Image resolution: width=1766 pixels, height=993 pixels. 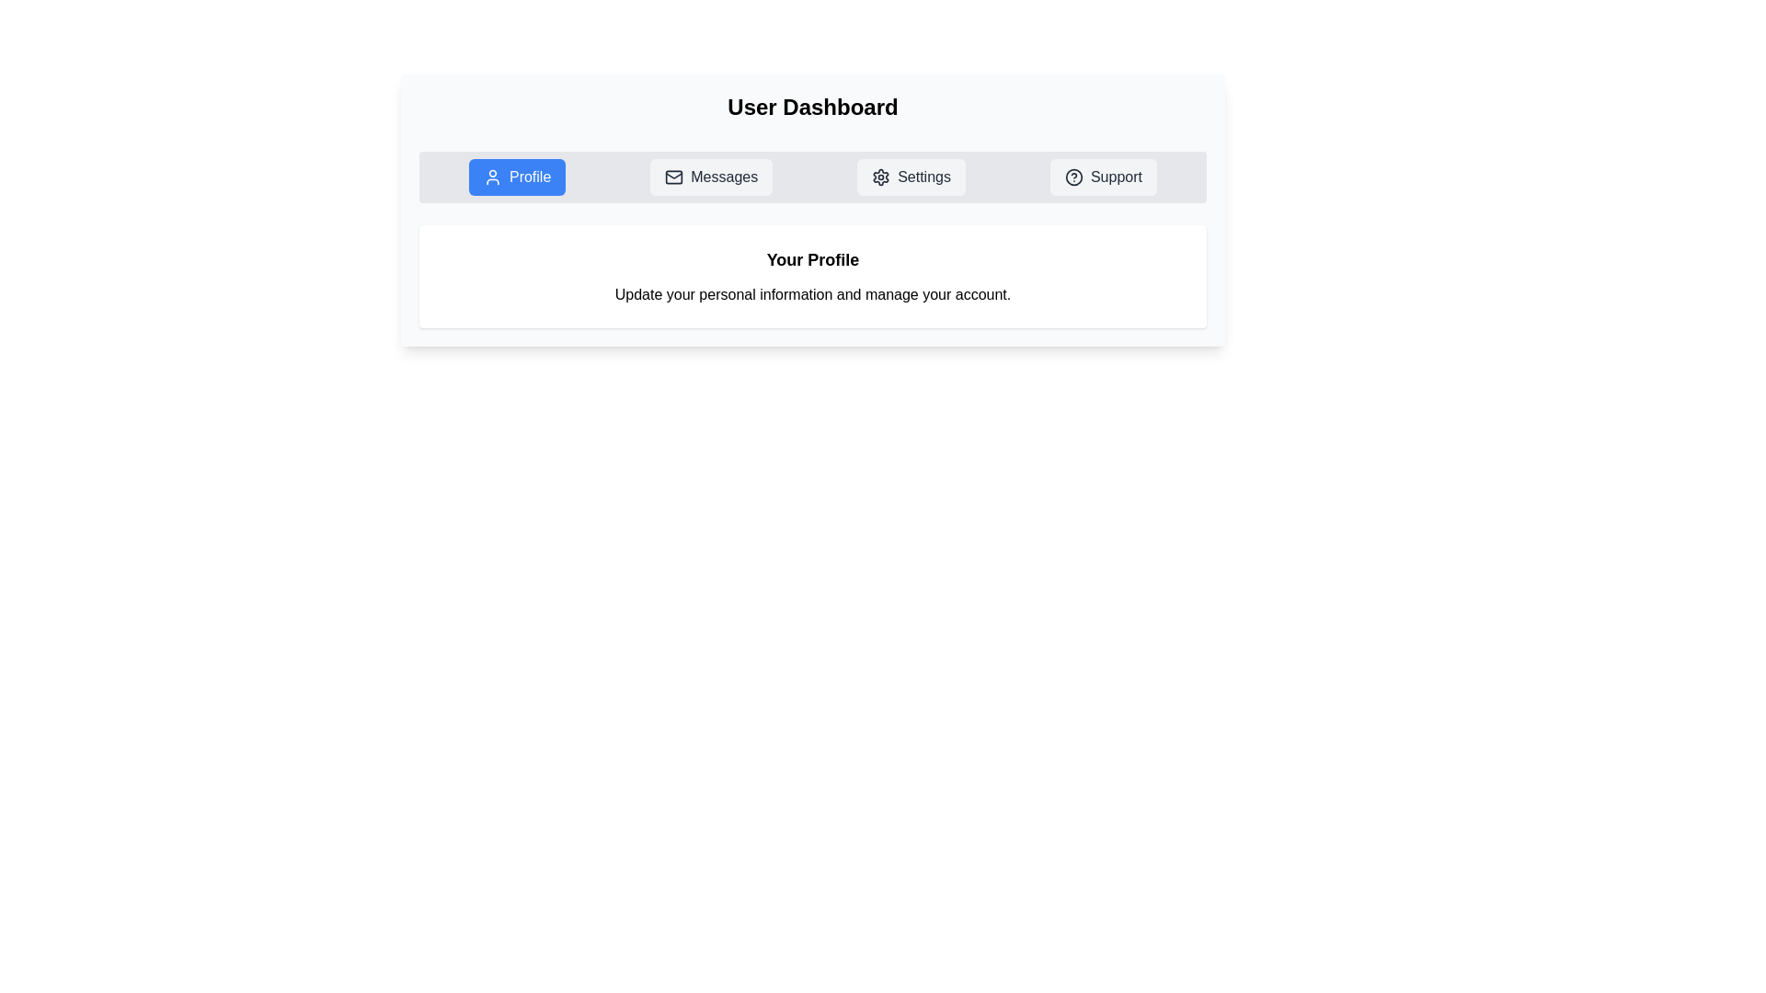 What do you see at coordinates (529, 177) in the screenshot?
I see `the 'Profile' text label inside the button` at bounding box center [529, 177].